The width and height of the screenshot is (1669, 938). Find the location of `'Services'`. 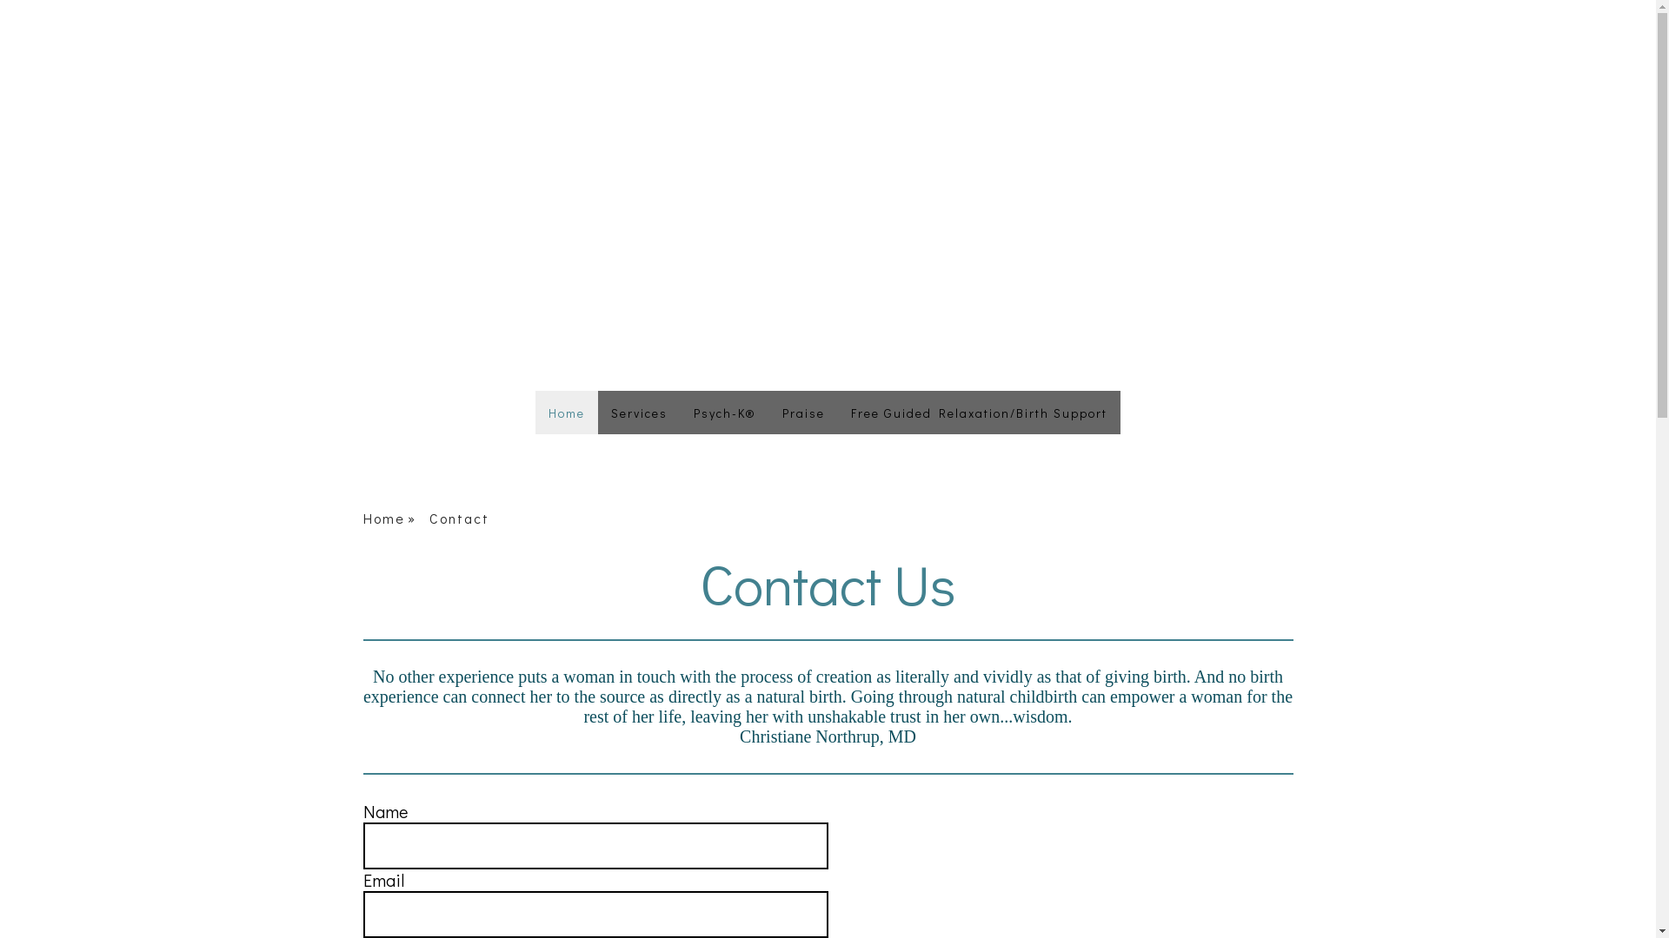

'Services' is located at coordinates (638, 412).